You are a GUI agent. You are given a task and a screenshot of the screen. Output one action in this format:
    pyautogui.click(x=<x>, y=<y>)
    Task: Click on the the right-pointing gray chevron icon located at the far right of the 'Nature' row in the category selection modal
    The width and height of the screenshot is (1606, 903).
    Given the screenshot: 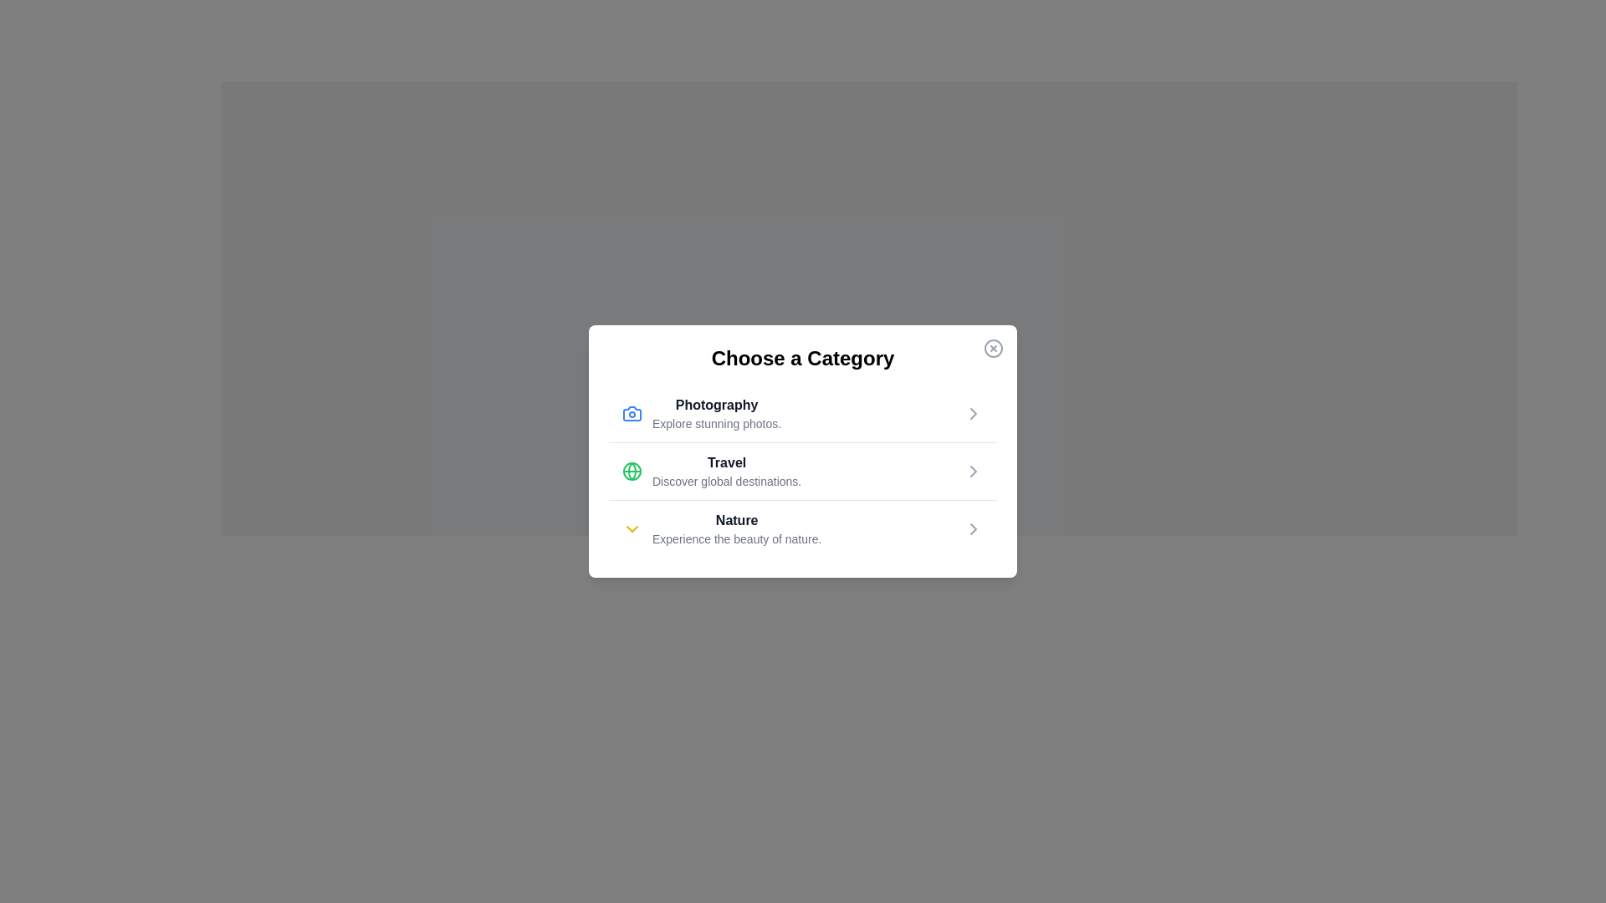 What is the action you would take?
    pyautogui.click(x=973, y=528)
    